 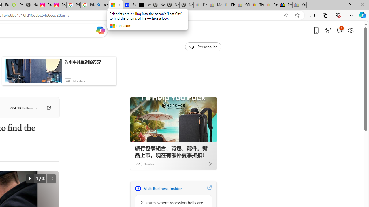 I want to click on 'Visit Business Insider website', so click(x=209, y=188).